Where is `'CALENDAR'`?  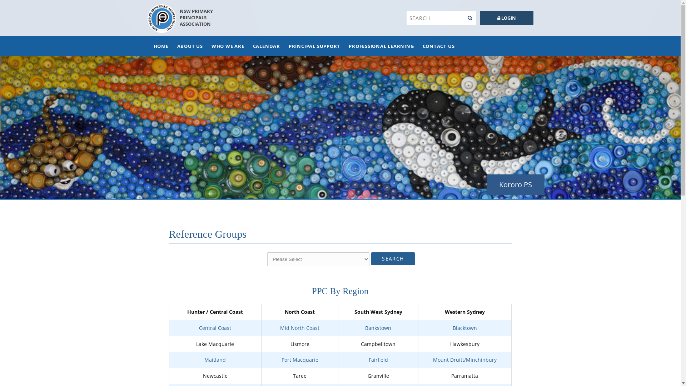 'CALENDAR' is located at coordinates (266, 46).